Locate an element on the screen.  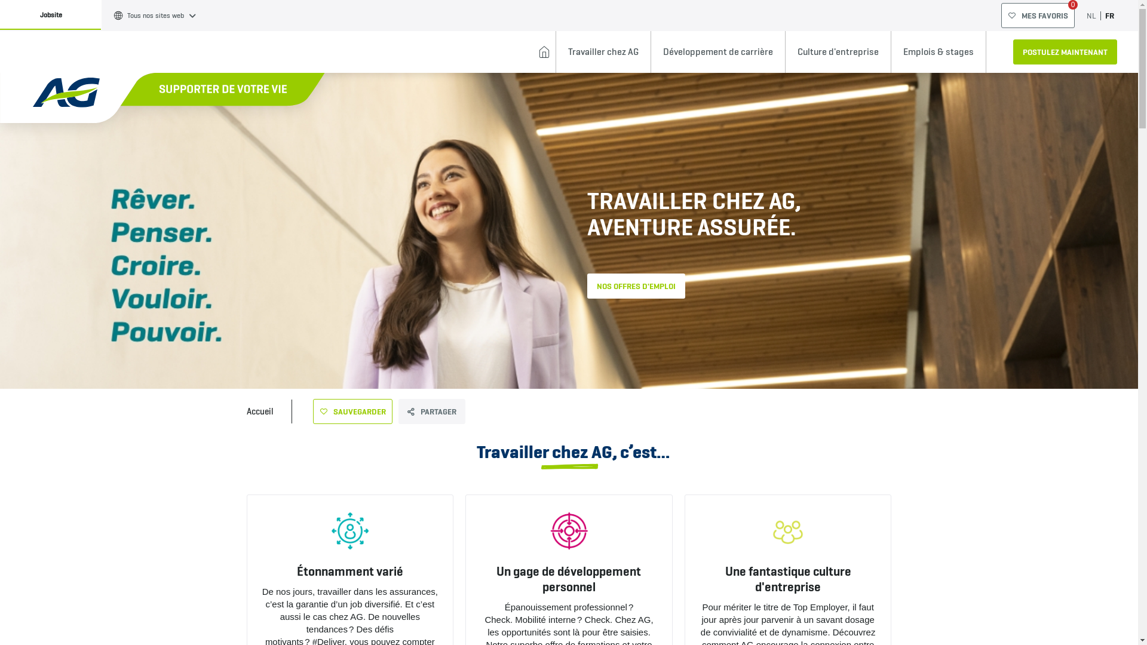
'PARTAGER' is located at coordinates (430, 411).